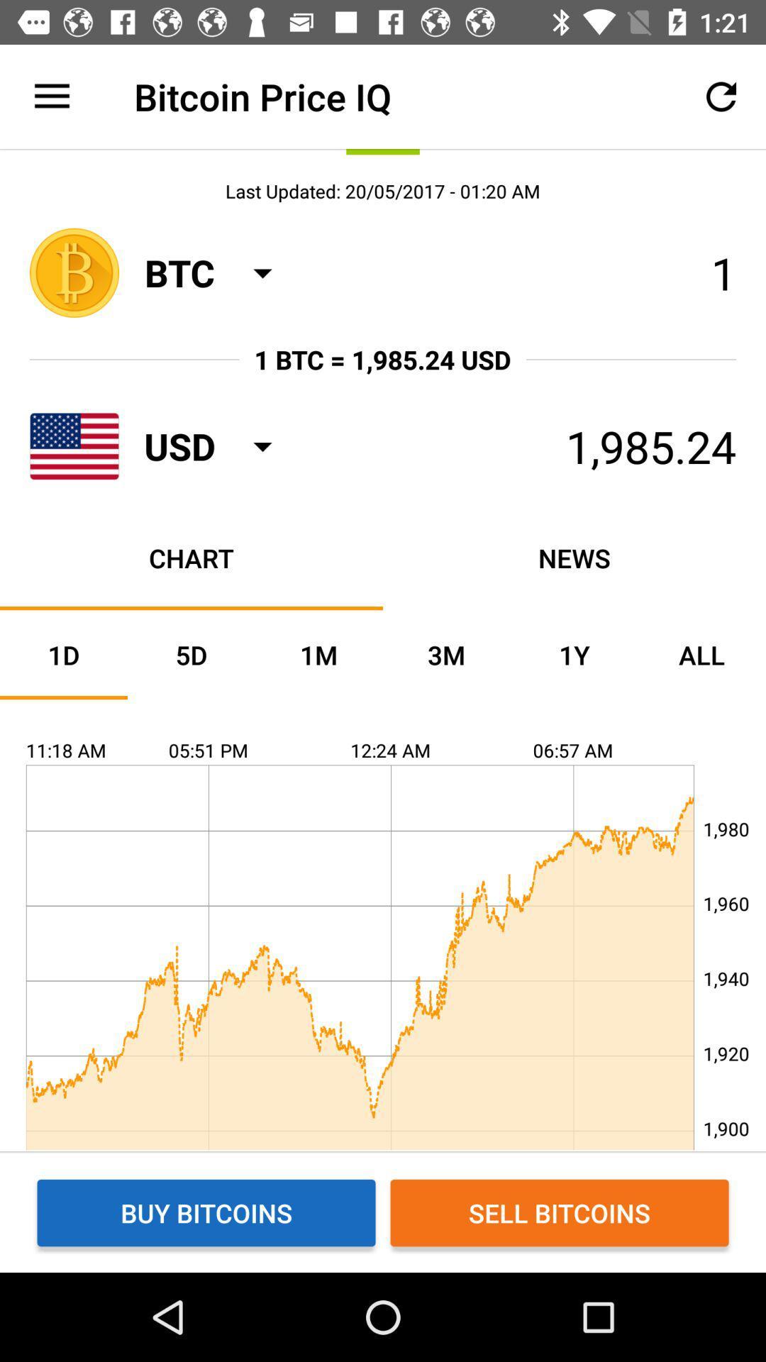 The height and width of the screenshot is (1362, 766). Describe the element at coordinates (559, 1212) in the screenshot. I see `sell bitcoins at the bottom right corner` at that location.